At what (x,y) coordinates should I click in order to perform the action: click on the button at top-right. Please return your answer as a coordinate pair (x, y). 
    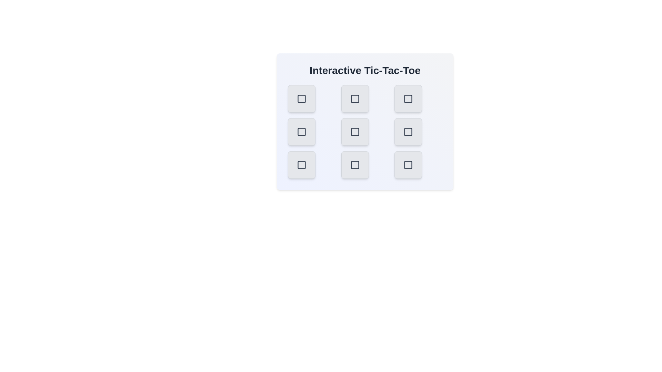
    Looking at the image, I should click on (408, 99).